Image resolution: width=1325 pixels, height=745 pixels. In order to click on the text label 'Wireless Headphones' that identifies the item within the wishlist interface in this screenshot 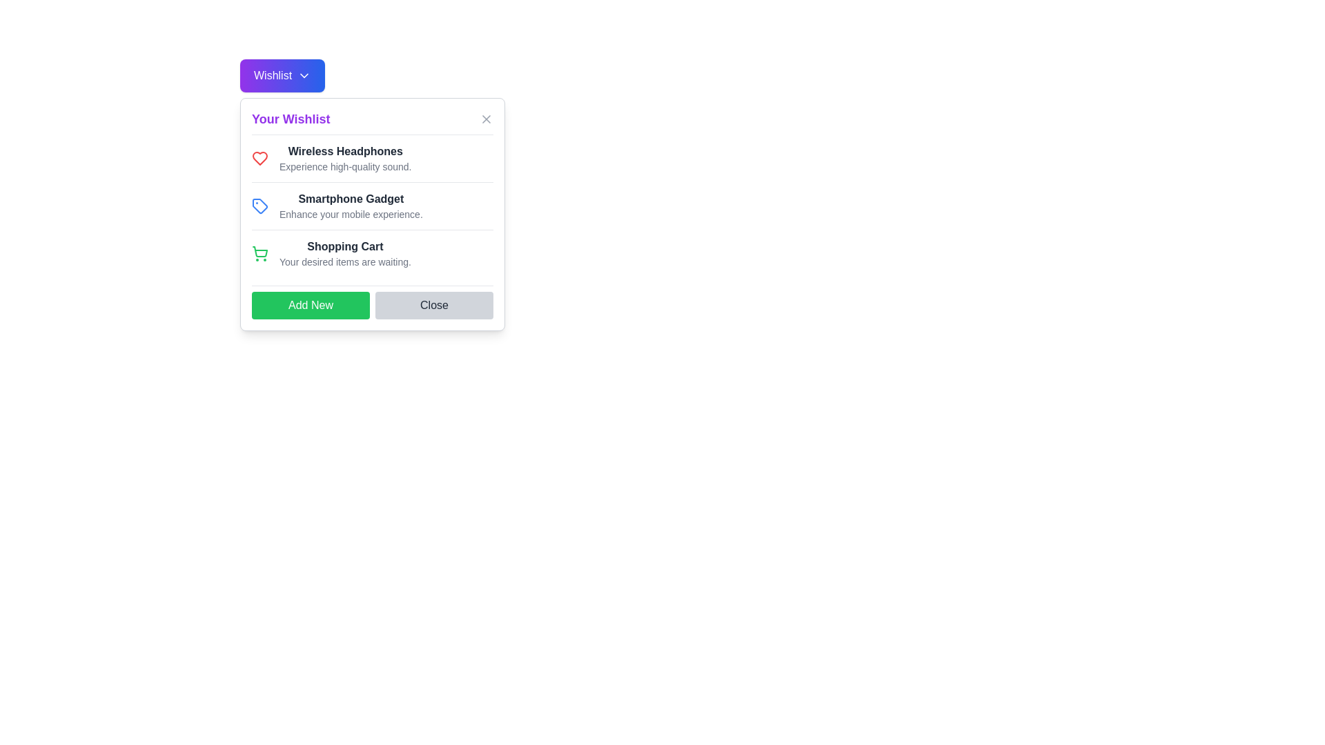, I will do `click(345, 151)`.